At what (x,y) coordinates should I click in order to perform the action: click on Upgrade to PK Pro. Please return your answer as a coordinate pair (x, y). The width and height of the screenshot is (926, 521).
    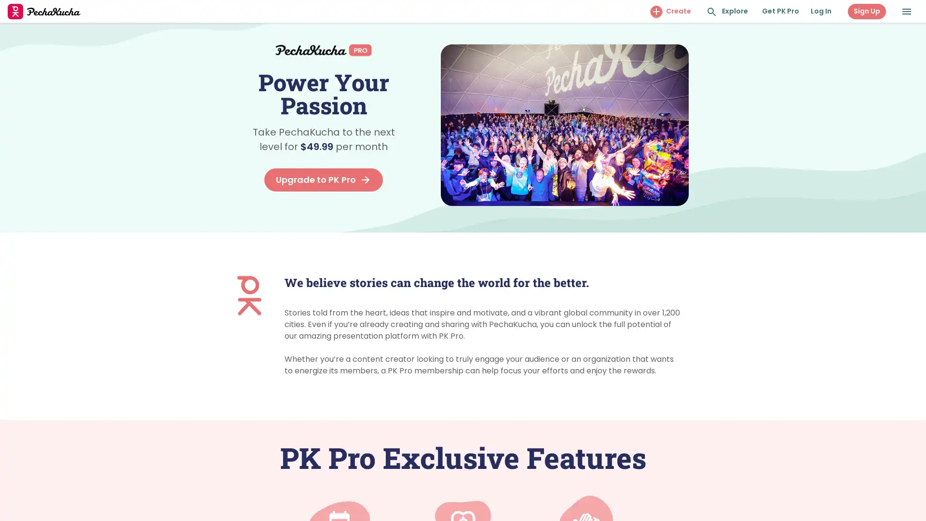
    Looking at the image, I should click on (324, 180).